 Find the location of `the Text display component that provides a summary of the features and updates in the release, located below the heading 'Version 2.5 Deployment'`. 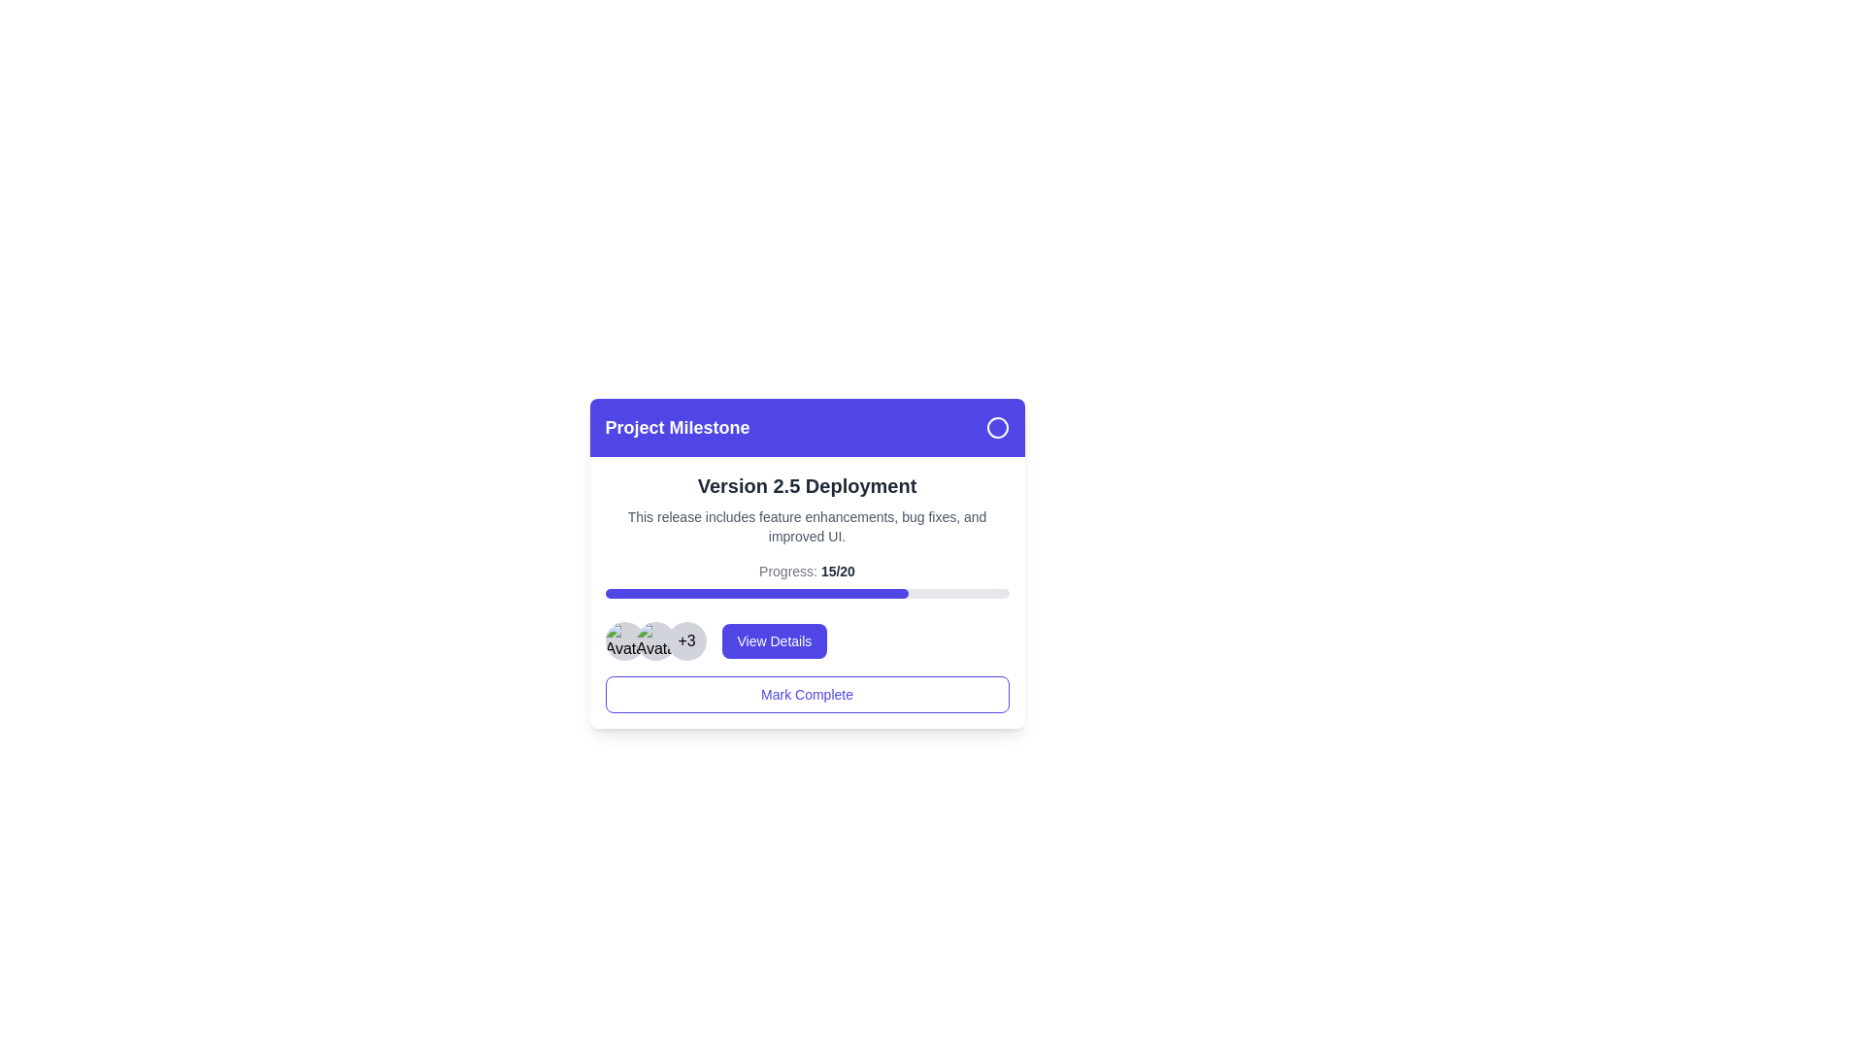

the Text display component that provides a summary of the features and updates in the release, located below the heading 'Version 2.5 Deployment' is located at coordinates (807, 527).